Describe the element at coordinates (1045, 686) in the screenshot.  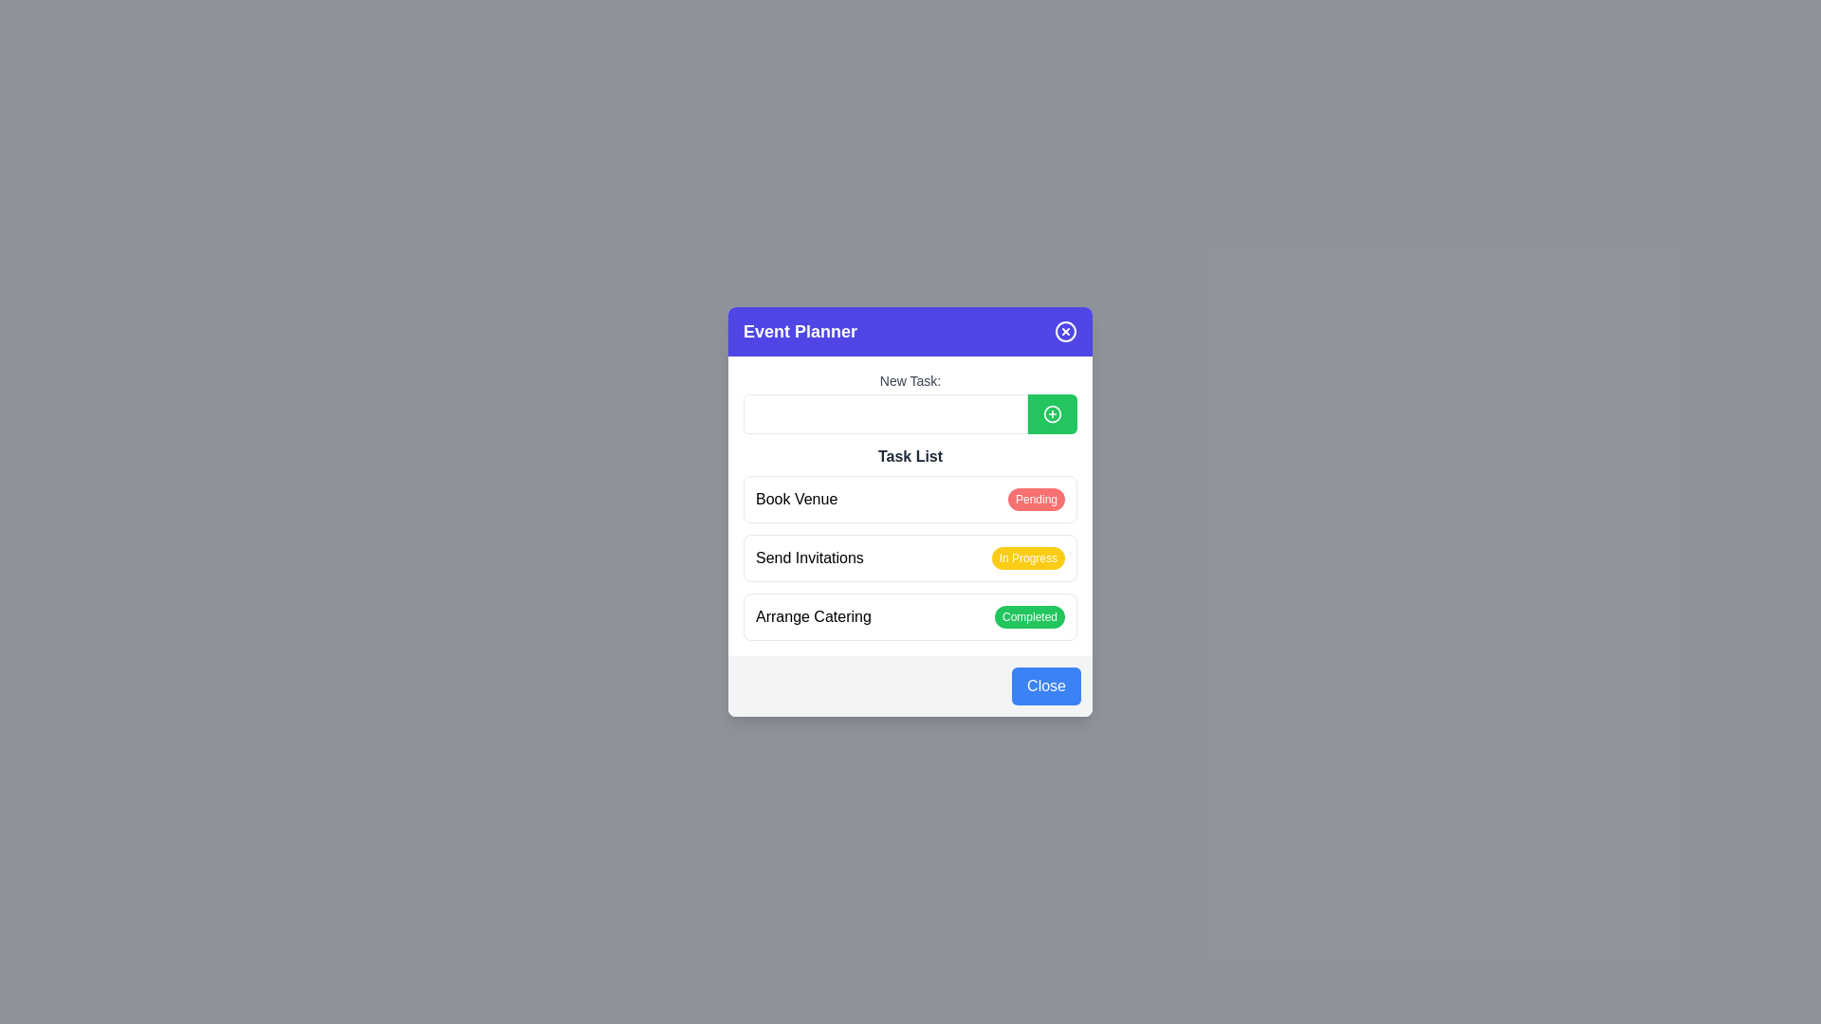
I see `the 'Close' button` at that location.